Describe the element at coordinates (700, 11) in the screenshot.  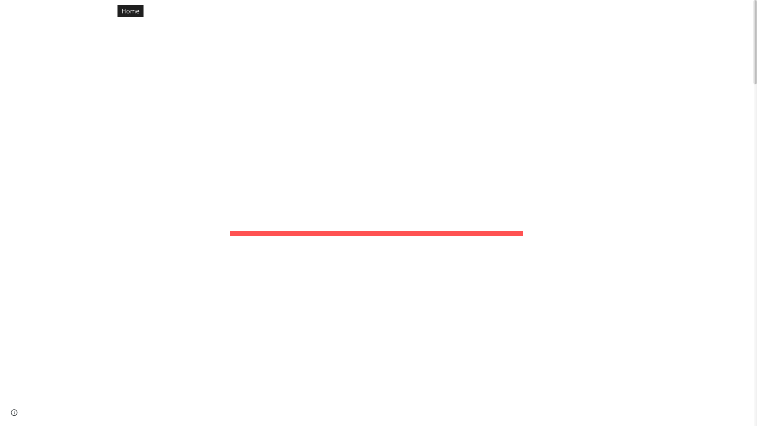
I see `'More'` at that location.